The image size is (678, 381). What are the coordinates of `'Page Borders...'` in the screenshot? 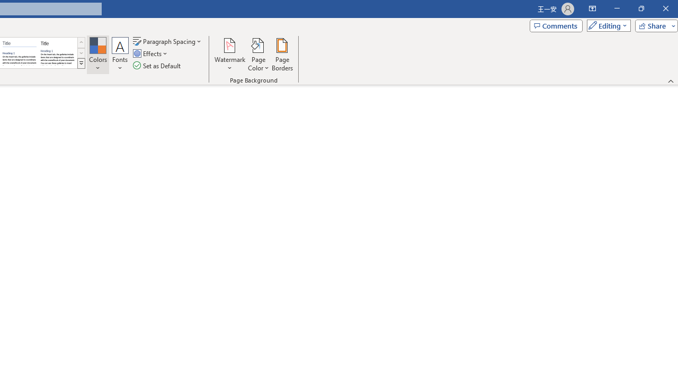 It's located at (282, 55).